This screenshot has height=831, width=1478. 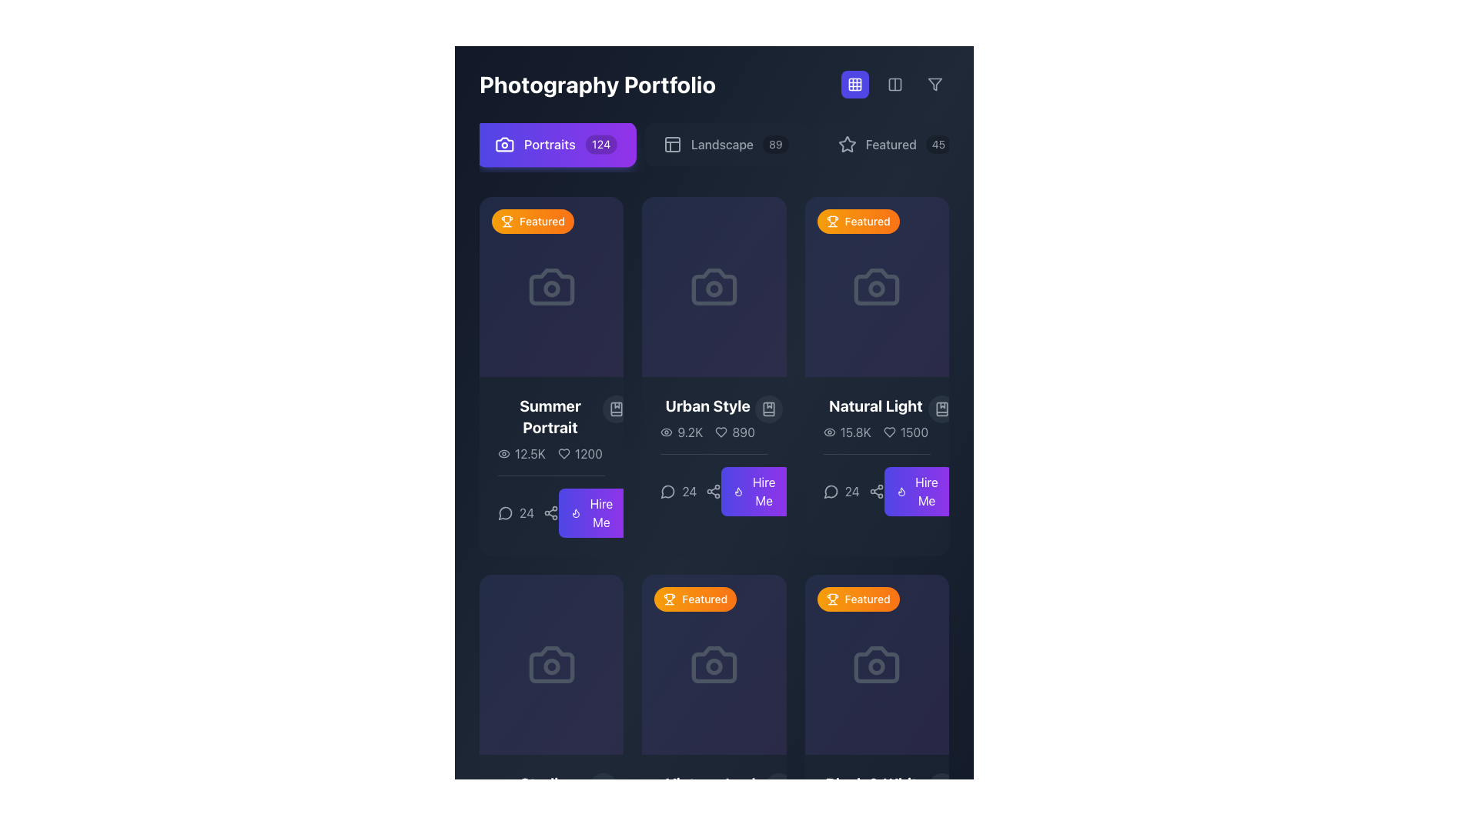 I want to click on the camera icon representing 'Natural Light', which is located in the top row, third column of the portfolio thumbnails, so click(x=877, y=287).